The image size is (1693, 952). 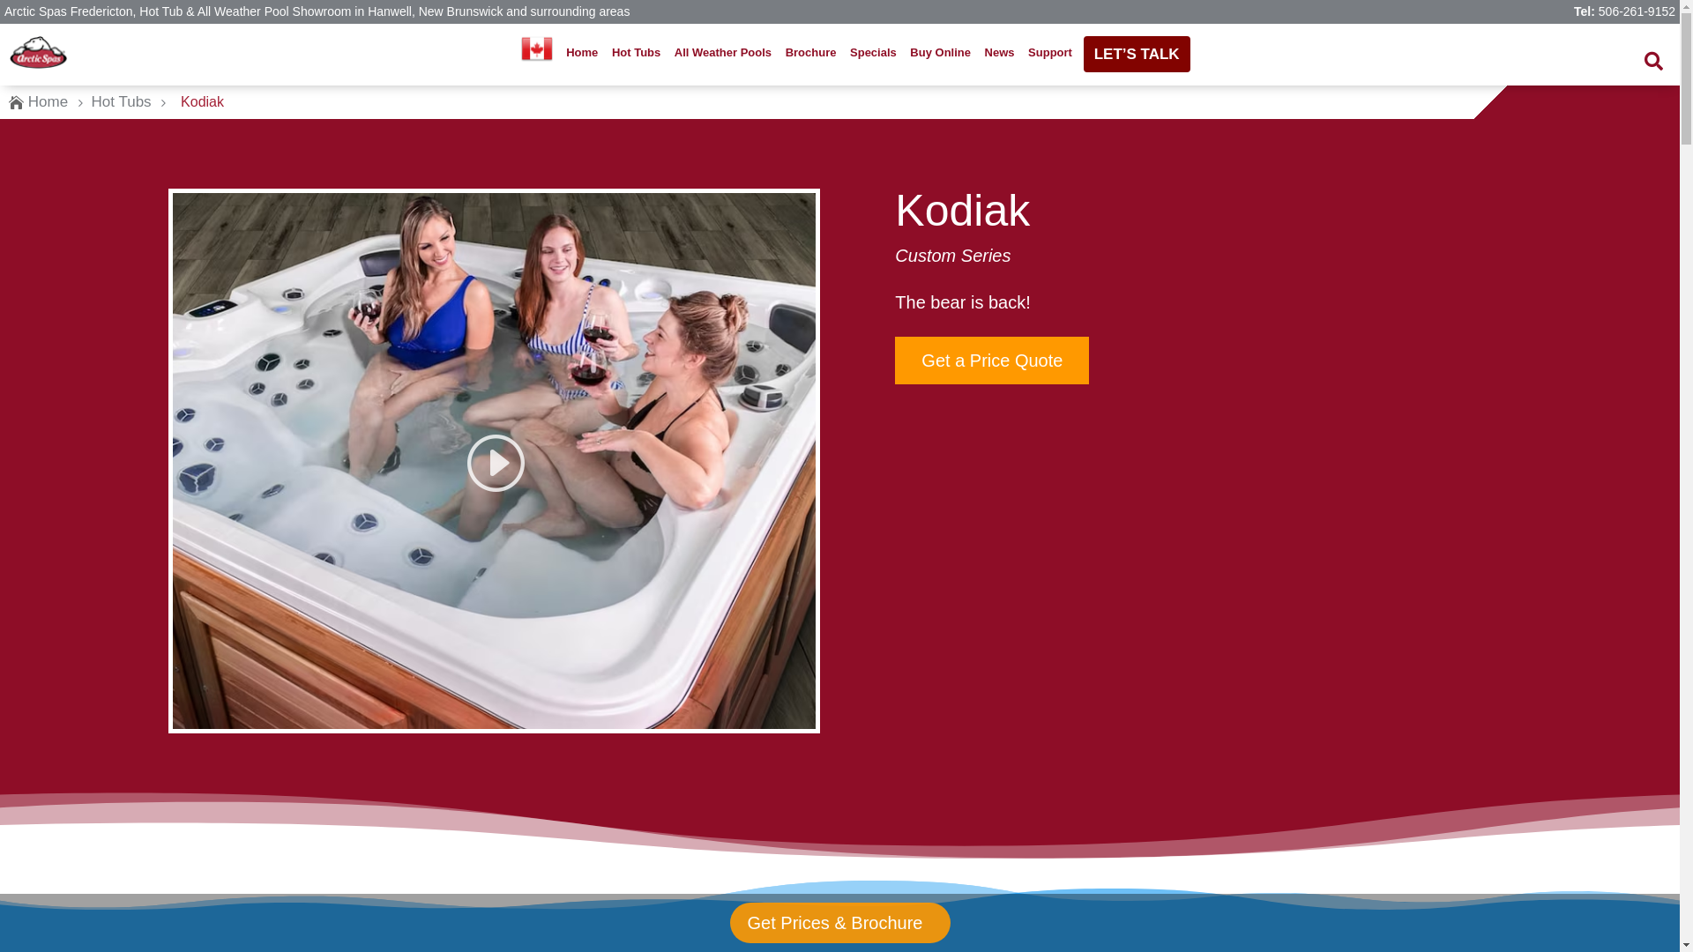 What do you see at coordinates (906, 51) in the screenshot?
I see `'Buy Online'` at bounding box center [906, 51].